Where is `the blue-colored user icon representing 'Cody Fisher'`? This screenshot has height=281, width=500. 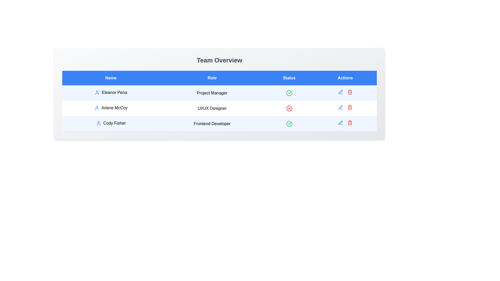
the blue-colored user icon representing 'Cody Fisher' is located at coordinates (98, 123).